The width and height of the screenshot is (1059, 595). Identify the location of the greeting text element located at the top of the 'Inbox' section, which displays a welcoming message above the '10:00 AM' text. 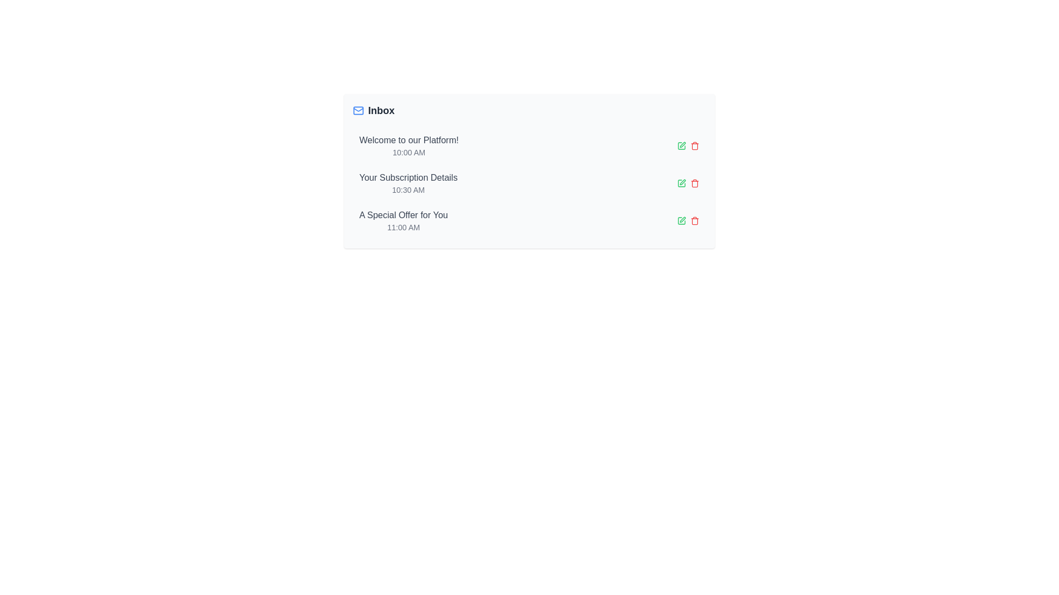
(408, 139).